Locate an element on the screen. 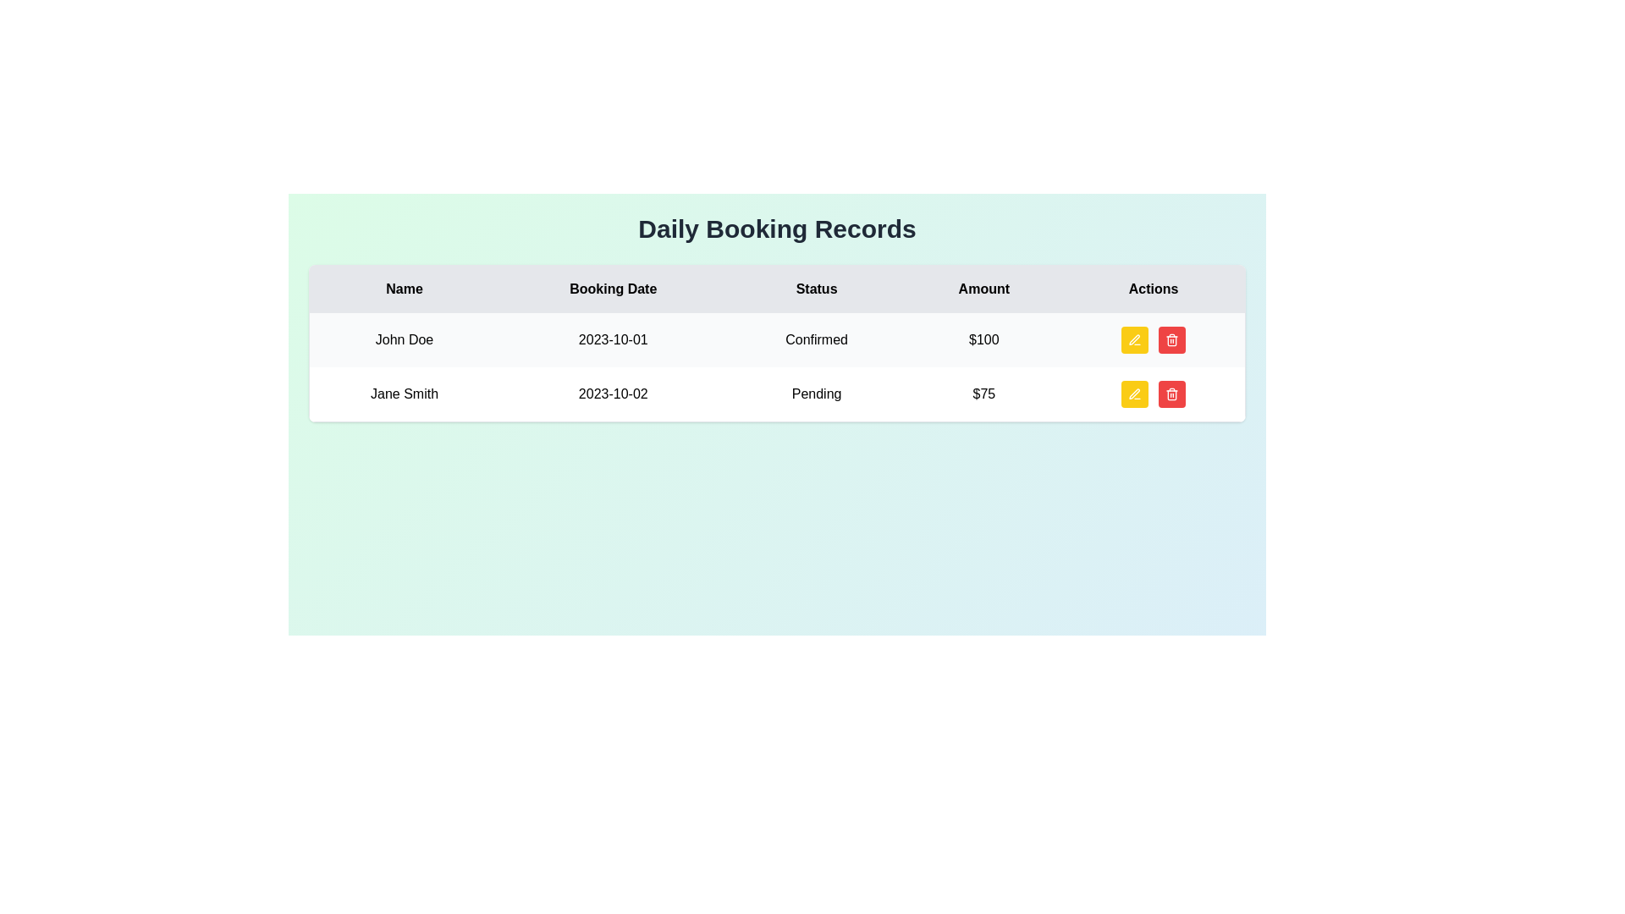 Image resolution: width=1625 pixels, height=914 pixels. the rectangular main body of the red trash can icon located in the 'Actions' column of the second row of the table is located at coordinates (1171, 395).